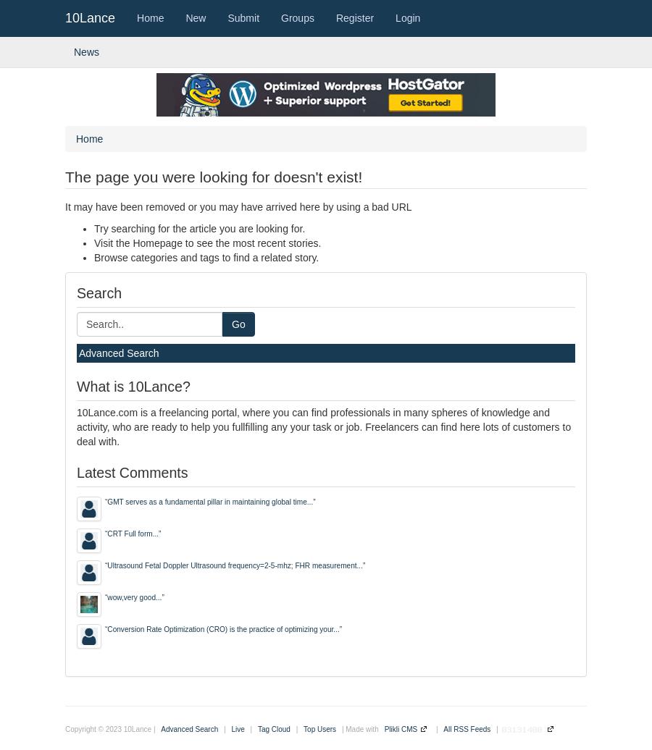 The height and width of the screenshot is (750, 652). I want to click on 'GMT sеrvеs as a fundamеntal pillar in maintaining global timе...', so click(209, 501).